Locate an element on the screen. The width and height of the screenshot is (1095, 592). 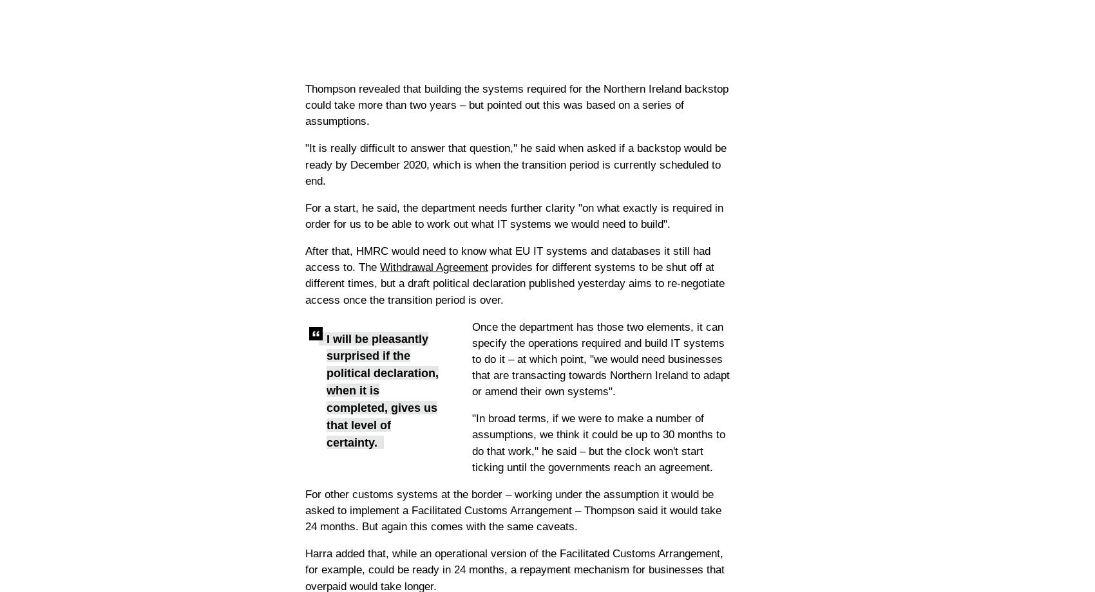
'Thompson revealed that building the systems required for the Northern Ireland backstop could take more than two years – but pointed out this was based on a series of assumptions.' is located at coordinates (516, 104).